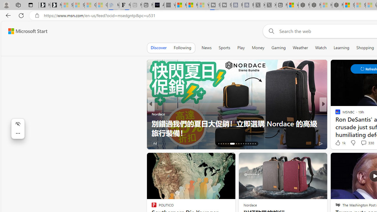  What do you see at coordinates (362, 143) in the screenshot?
I see `'View comments 1 Comment'` at bounding box center [362, 143].